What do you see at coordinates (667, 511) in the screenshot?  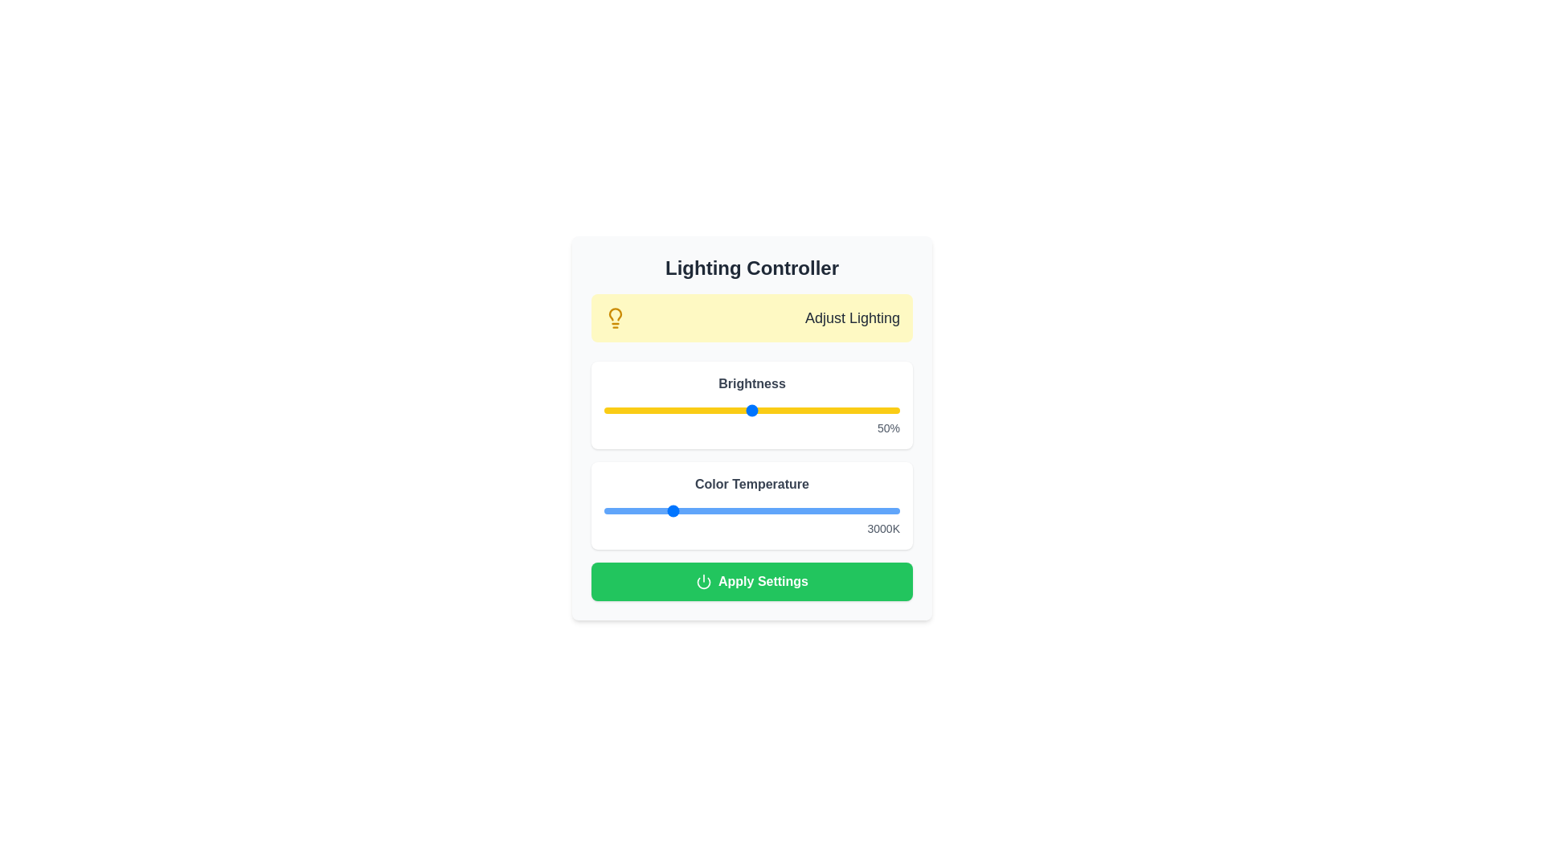 I see `the color temperature slider to 2930 K` at bounding box center [667, 511].